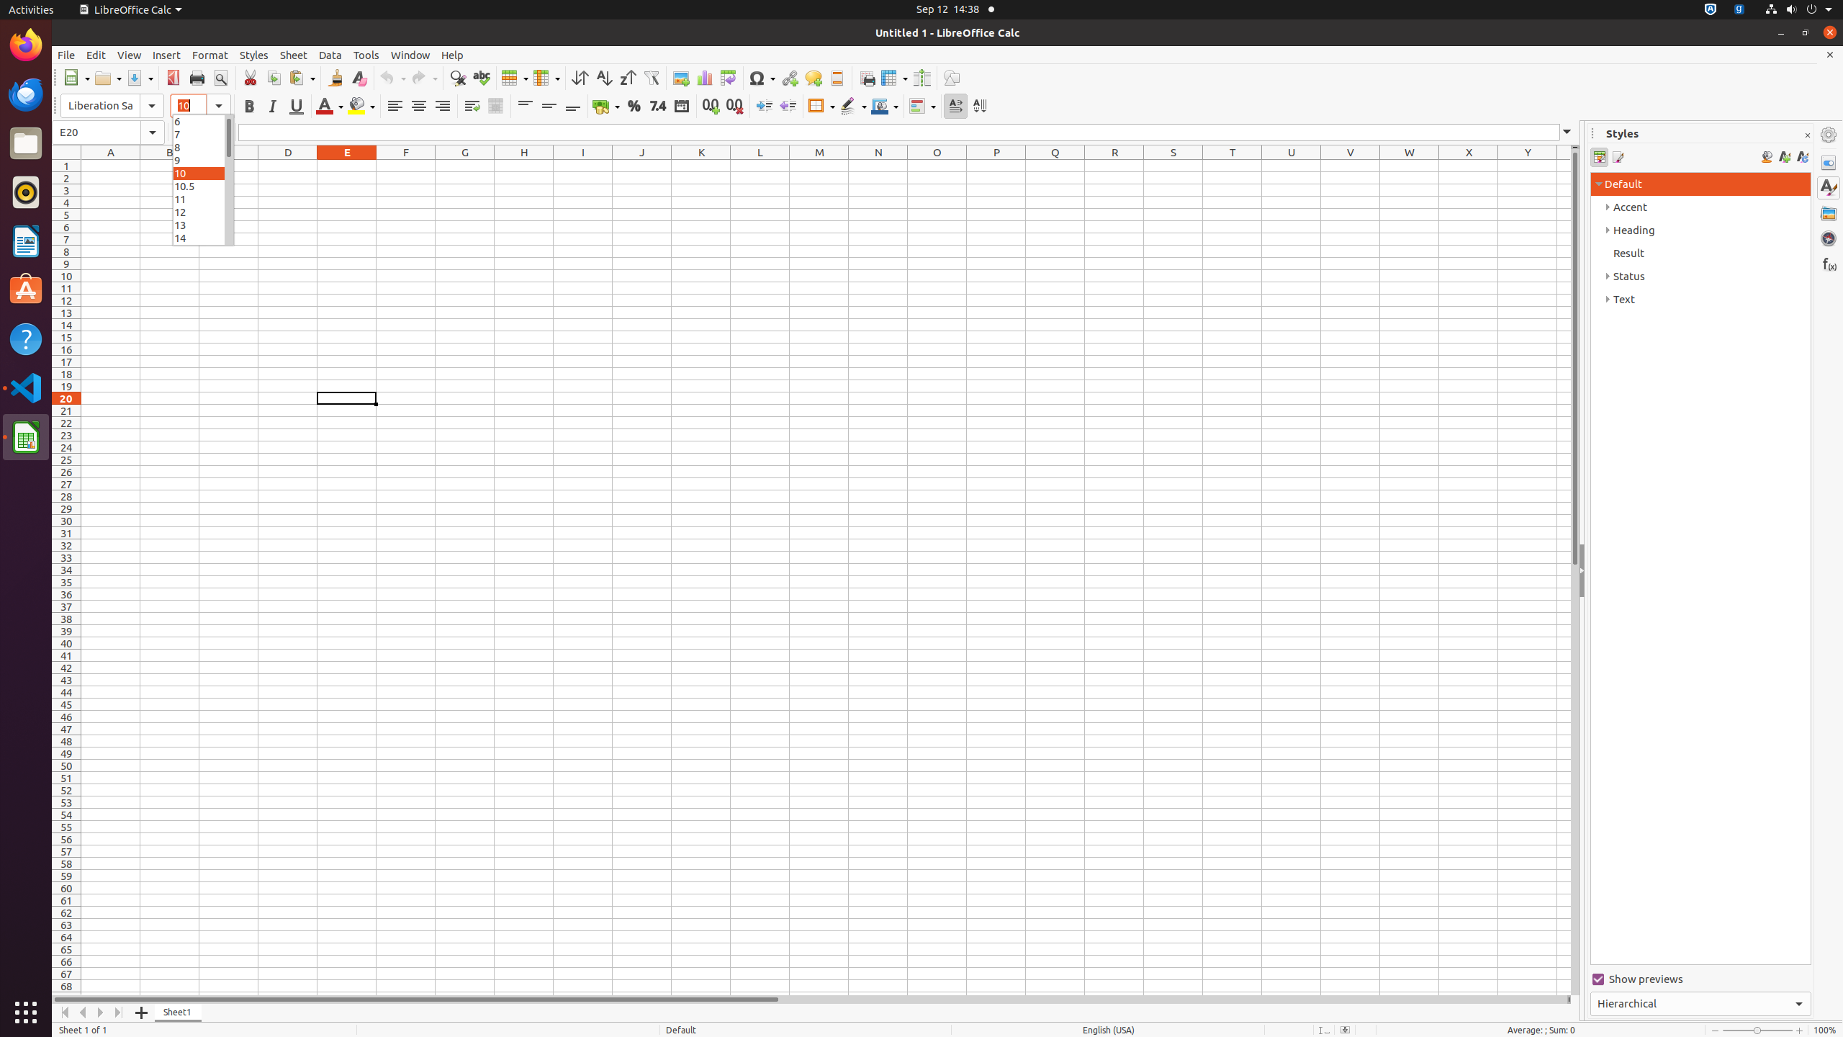 This screenshot has height=1037, width=1843. What do you see at coordinates (82, 1012) in the screenshot?
I see `'Move Left'` at bounding box center [82, 1012].